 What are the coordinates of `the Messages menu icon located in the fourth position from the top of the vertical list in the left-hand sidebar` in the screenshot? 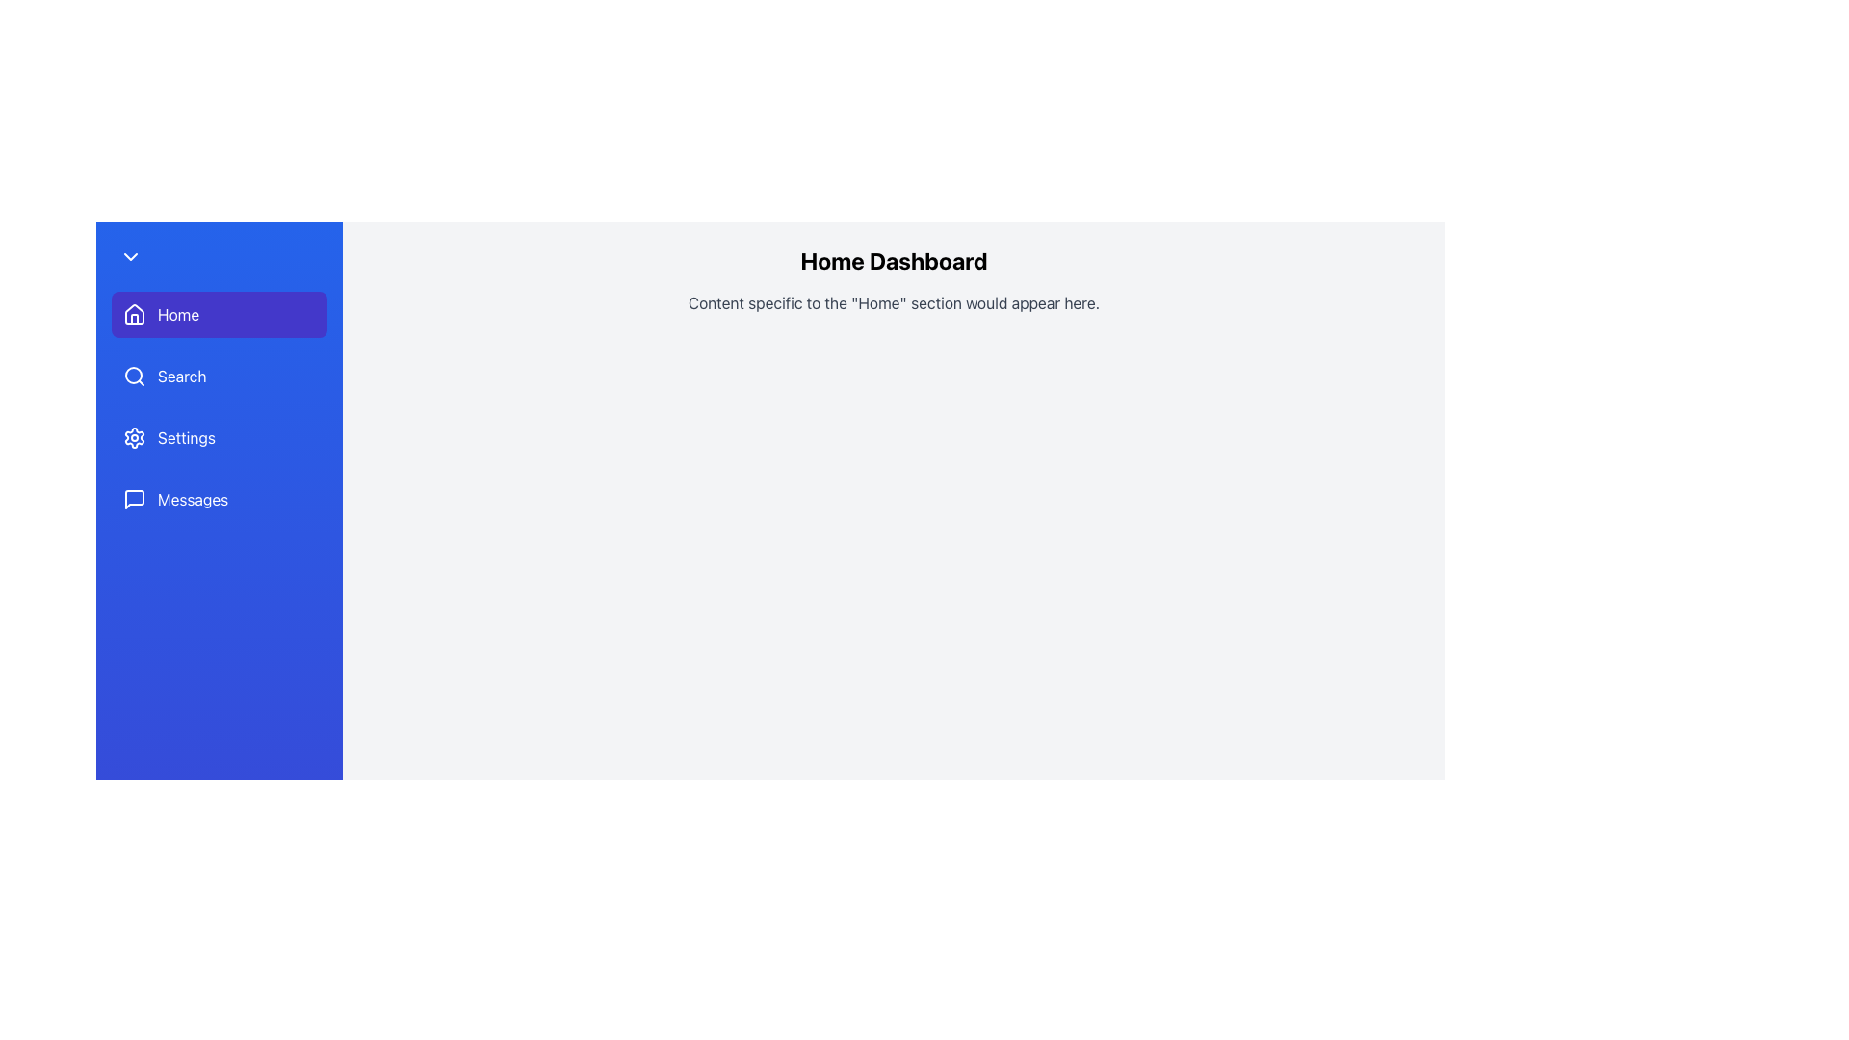 It's located at (133, 499).